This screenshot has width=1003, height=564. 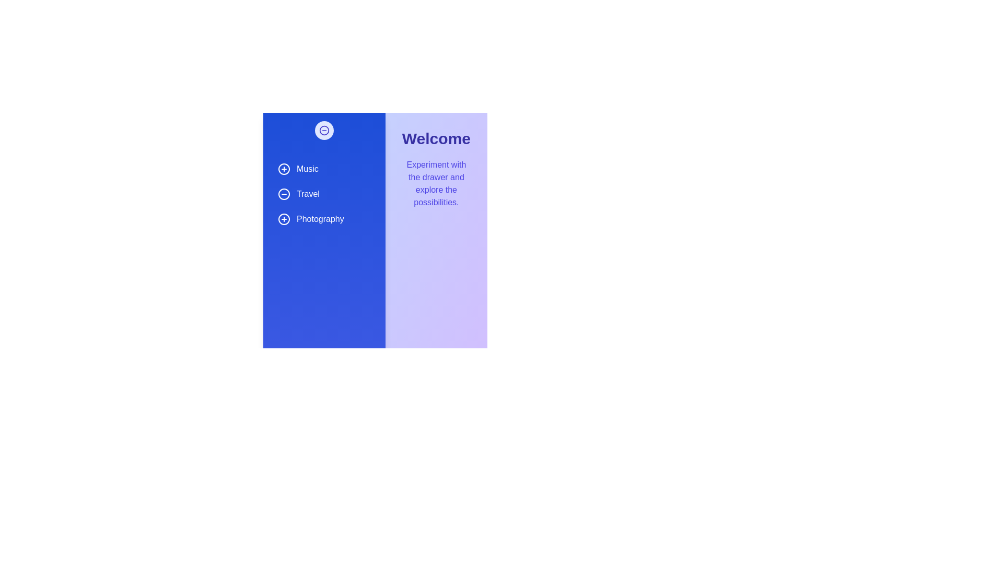 What do you see at coordinates (284, 169) in the screenshot?
I see `the icon corresponding to Music in the drawer` at bounding box center [284, 169].